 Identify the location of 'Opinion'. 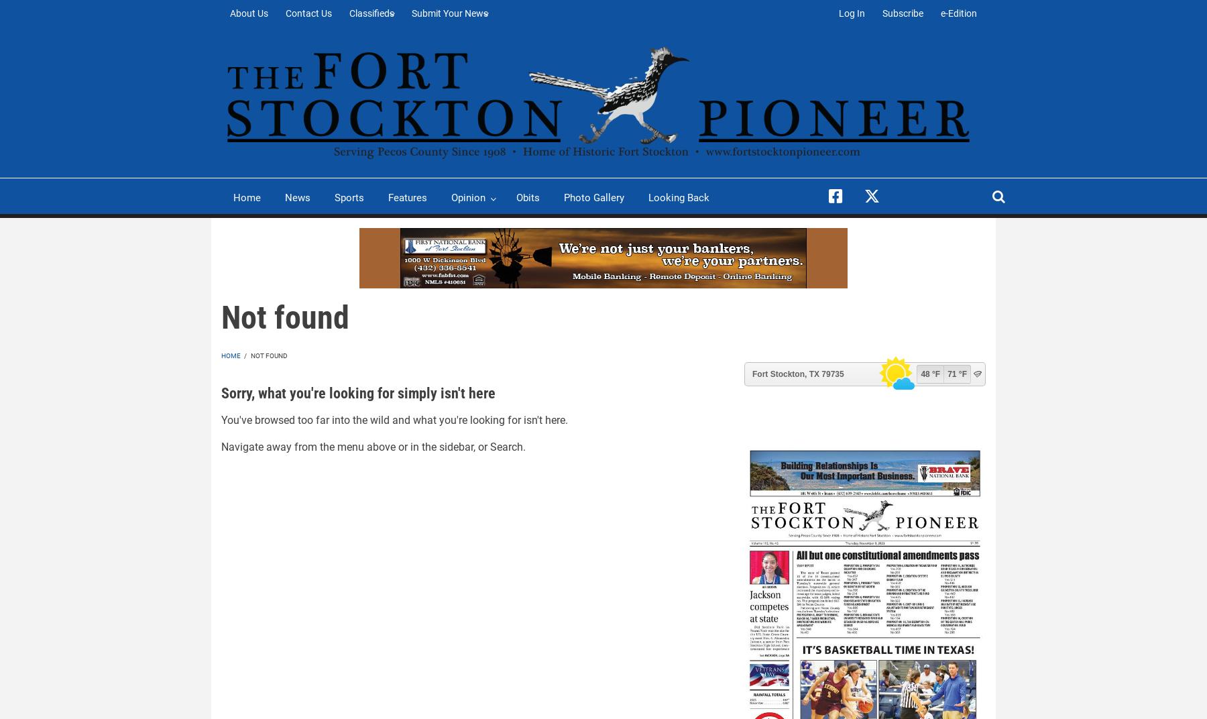
(467, 197).